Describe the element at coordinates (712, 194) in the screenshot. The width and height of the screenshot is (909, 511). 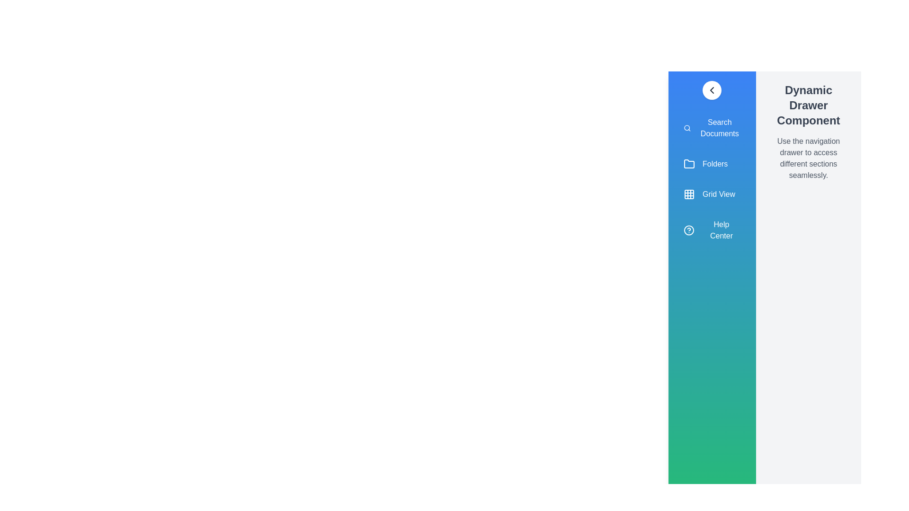
I see `the menu item Grid View` at that location.